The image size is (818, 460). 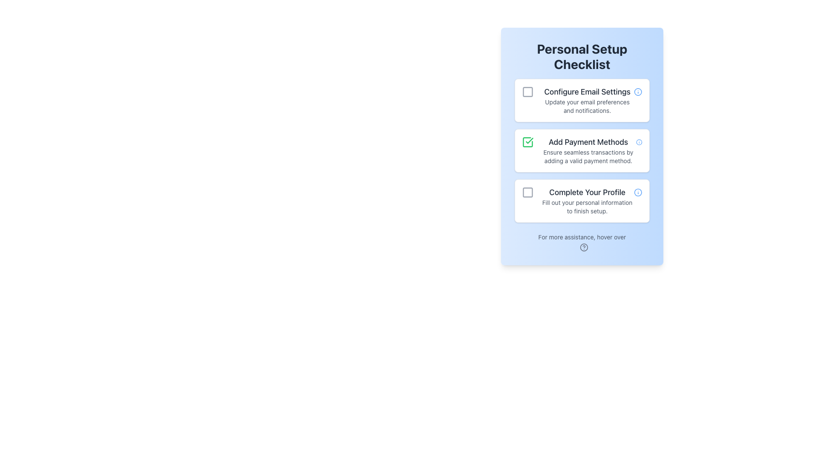 What do you see at coordinates (582, 237) in the screenshot?
I see `the instructional text located at the bottom center of the 'Personal Setup Checklist' card, which guides users to the question mark icon for more information` at bounding box center [582, 237].